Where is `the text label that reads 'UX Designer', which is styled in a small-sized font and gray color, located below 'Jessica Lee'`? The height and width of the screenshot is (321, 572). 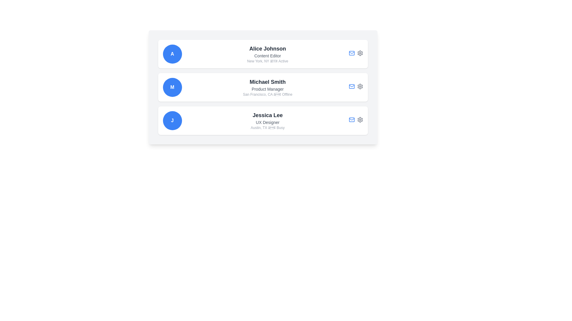 the text label that reads 'UX Designer', which is styled in a small-sized font and gray color, located below 'Jessica Lee' is located at coordinates (267, 122).